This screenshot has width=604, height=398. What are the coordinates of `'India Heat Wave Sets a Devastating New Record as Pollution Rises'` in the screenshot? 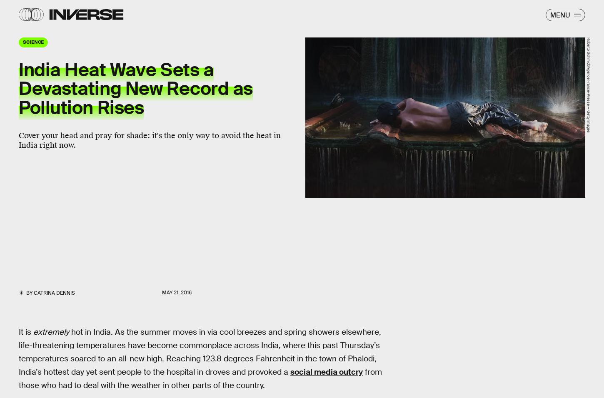 It's located at (135, 89).